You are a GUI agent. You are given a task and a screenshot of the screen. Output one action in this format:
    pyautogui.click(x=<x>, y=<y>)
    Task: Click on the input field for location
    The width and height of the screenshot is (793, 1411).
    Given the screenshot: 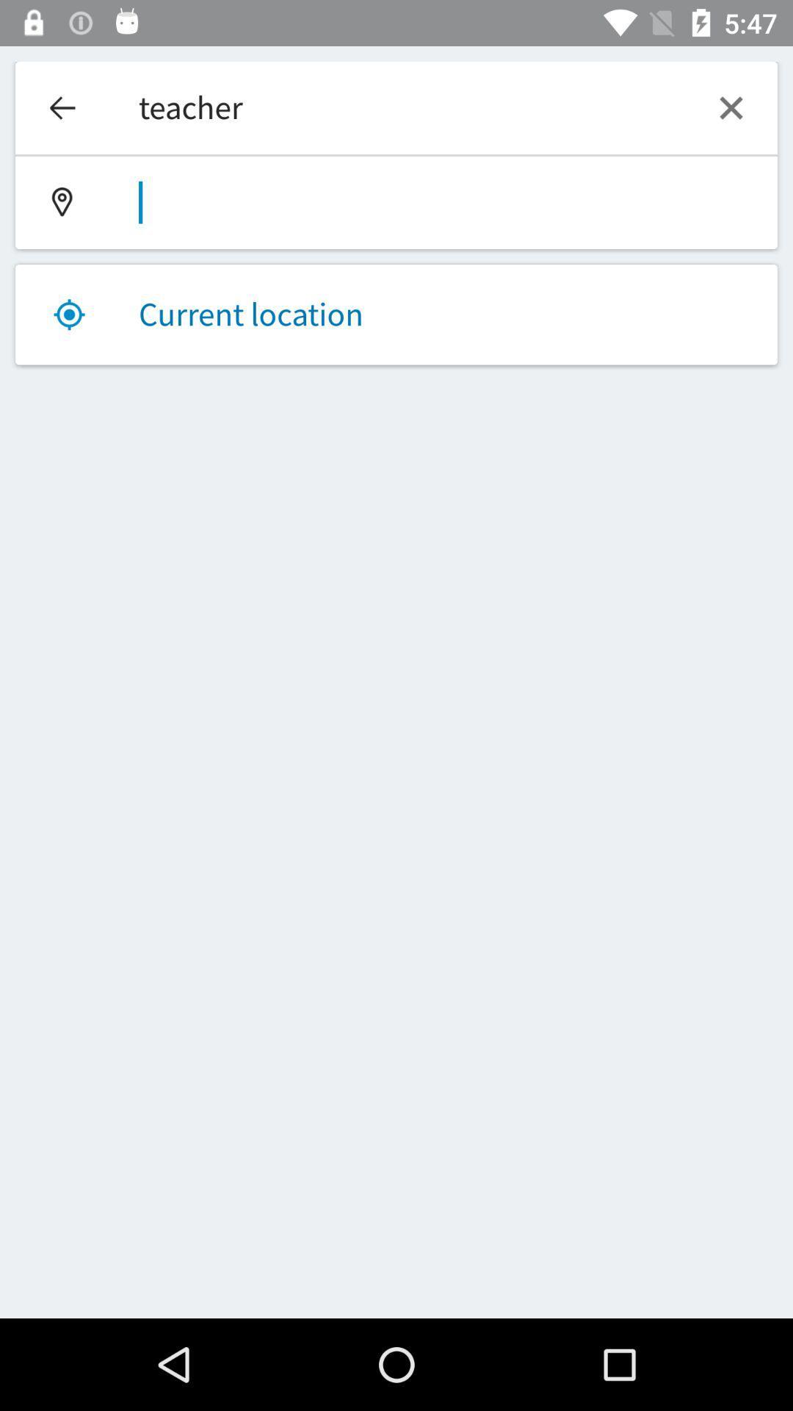 What is the action you would take?
    pyautogui.click(x=396, y=201)
    